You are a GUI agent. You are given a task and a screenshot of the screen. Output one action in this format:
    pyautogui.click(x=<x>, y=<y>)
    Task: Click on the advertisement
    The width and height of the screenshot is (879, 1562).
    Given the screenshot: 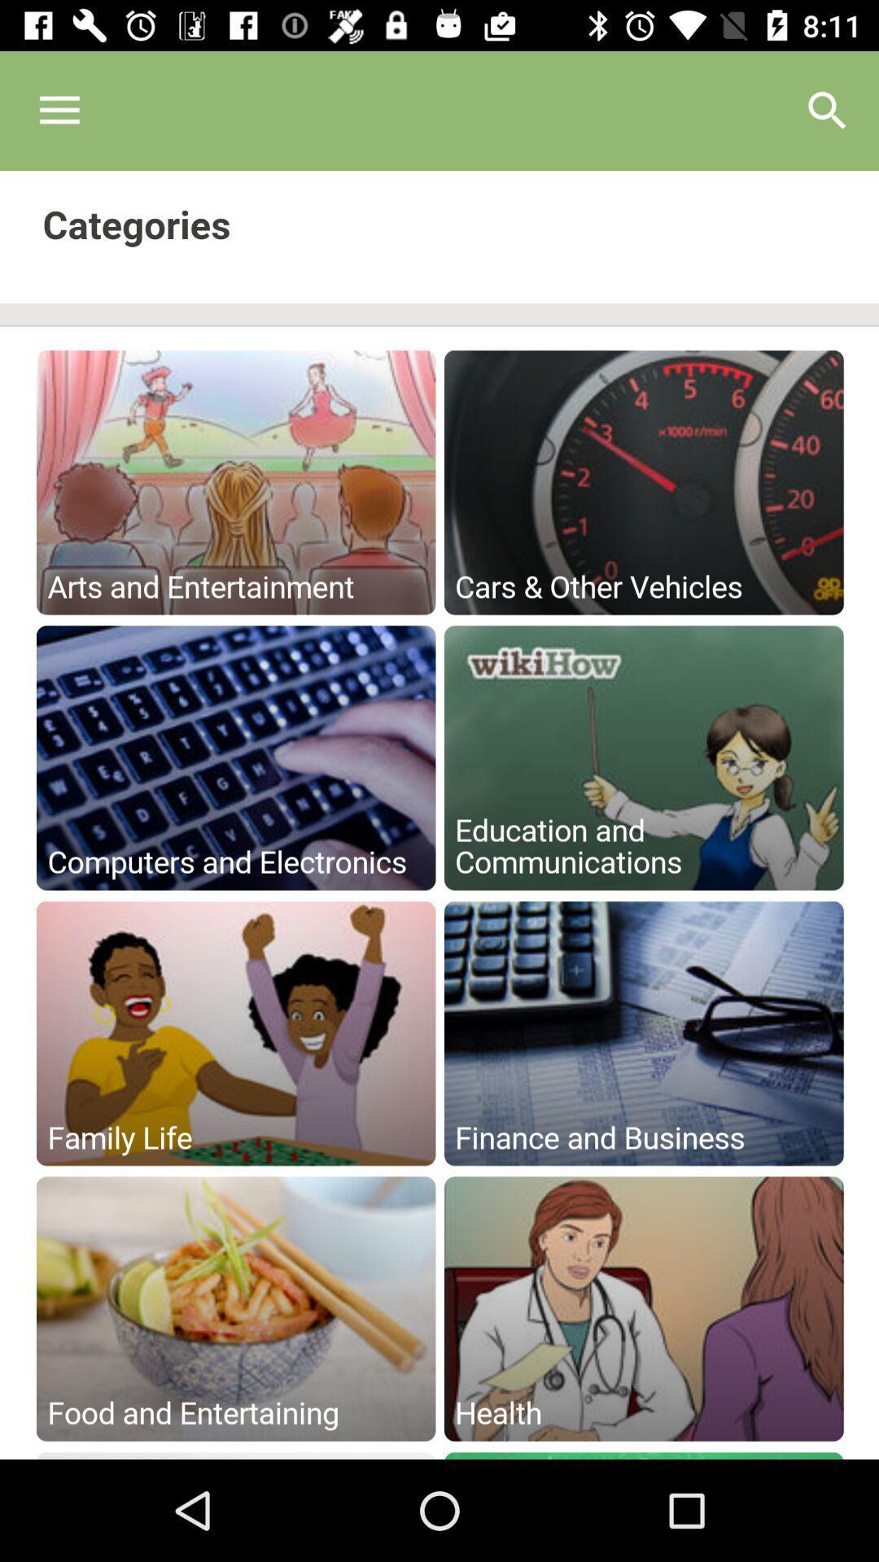 What is the action you would take?
    pyautogui.click(x=439, y=815)
    